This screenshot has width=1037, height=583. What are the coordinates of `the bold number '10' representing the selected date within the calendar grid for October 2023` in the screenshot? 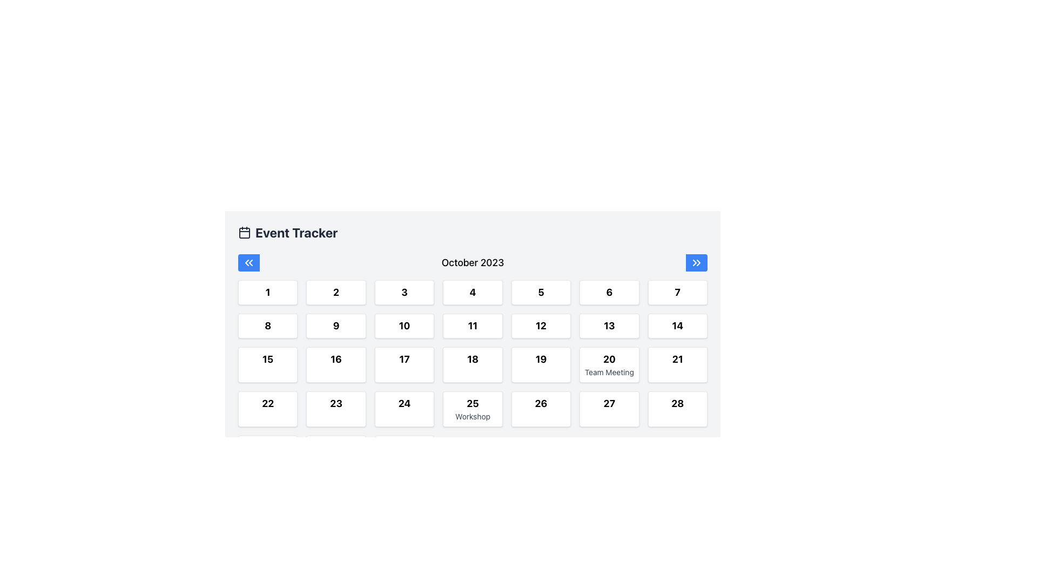 It's located at (403, 326).